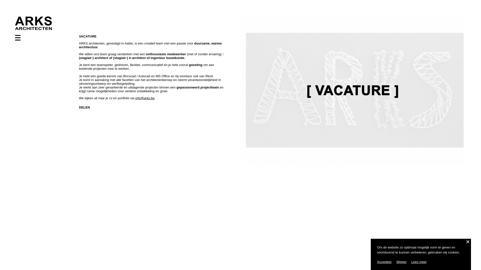 The height and width of the screenshot is (270, 481). Describe the element at coordinates (419, 261) in the screenshot. I see `'Lees meer'` at that location.